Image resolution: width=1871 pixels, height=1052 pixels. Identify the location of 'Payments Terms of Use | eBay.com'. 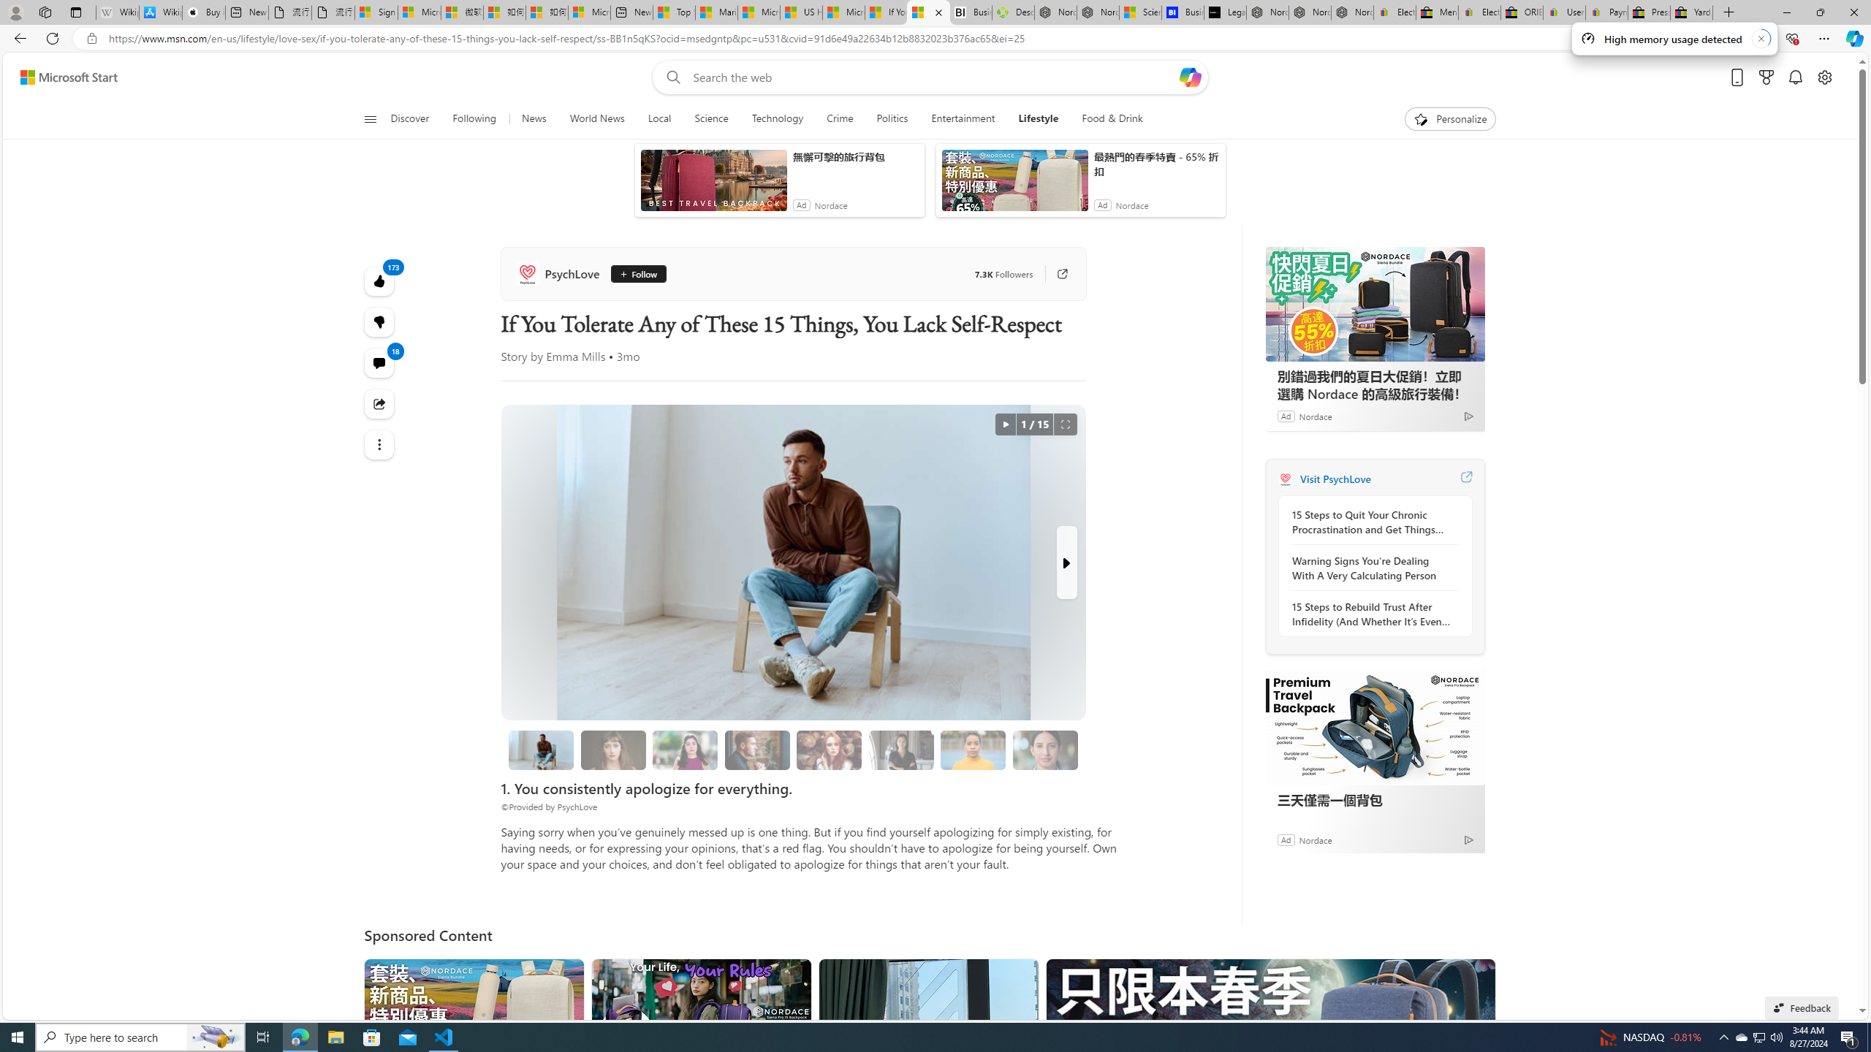
(1606, 12).